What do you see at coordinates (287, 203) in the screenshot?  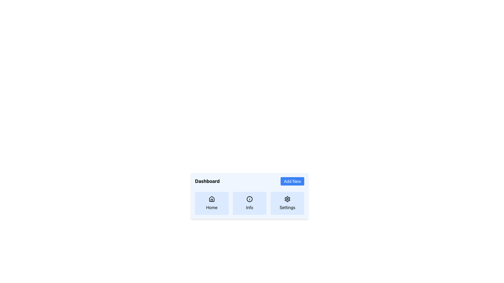 I see `the settings button located in the third column of the layout under the 'Dashboard' header` at bounding box center [287, 203].